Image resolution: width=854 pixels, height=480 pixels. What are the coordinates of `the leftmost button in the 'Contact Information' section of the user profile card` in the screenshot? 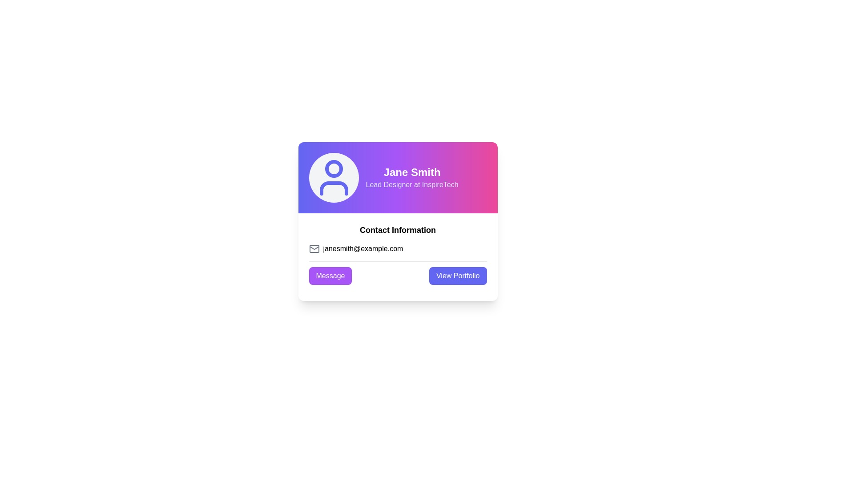 It's located at (330, 276).